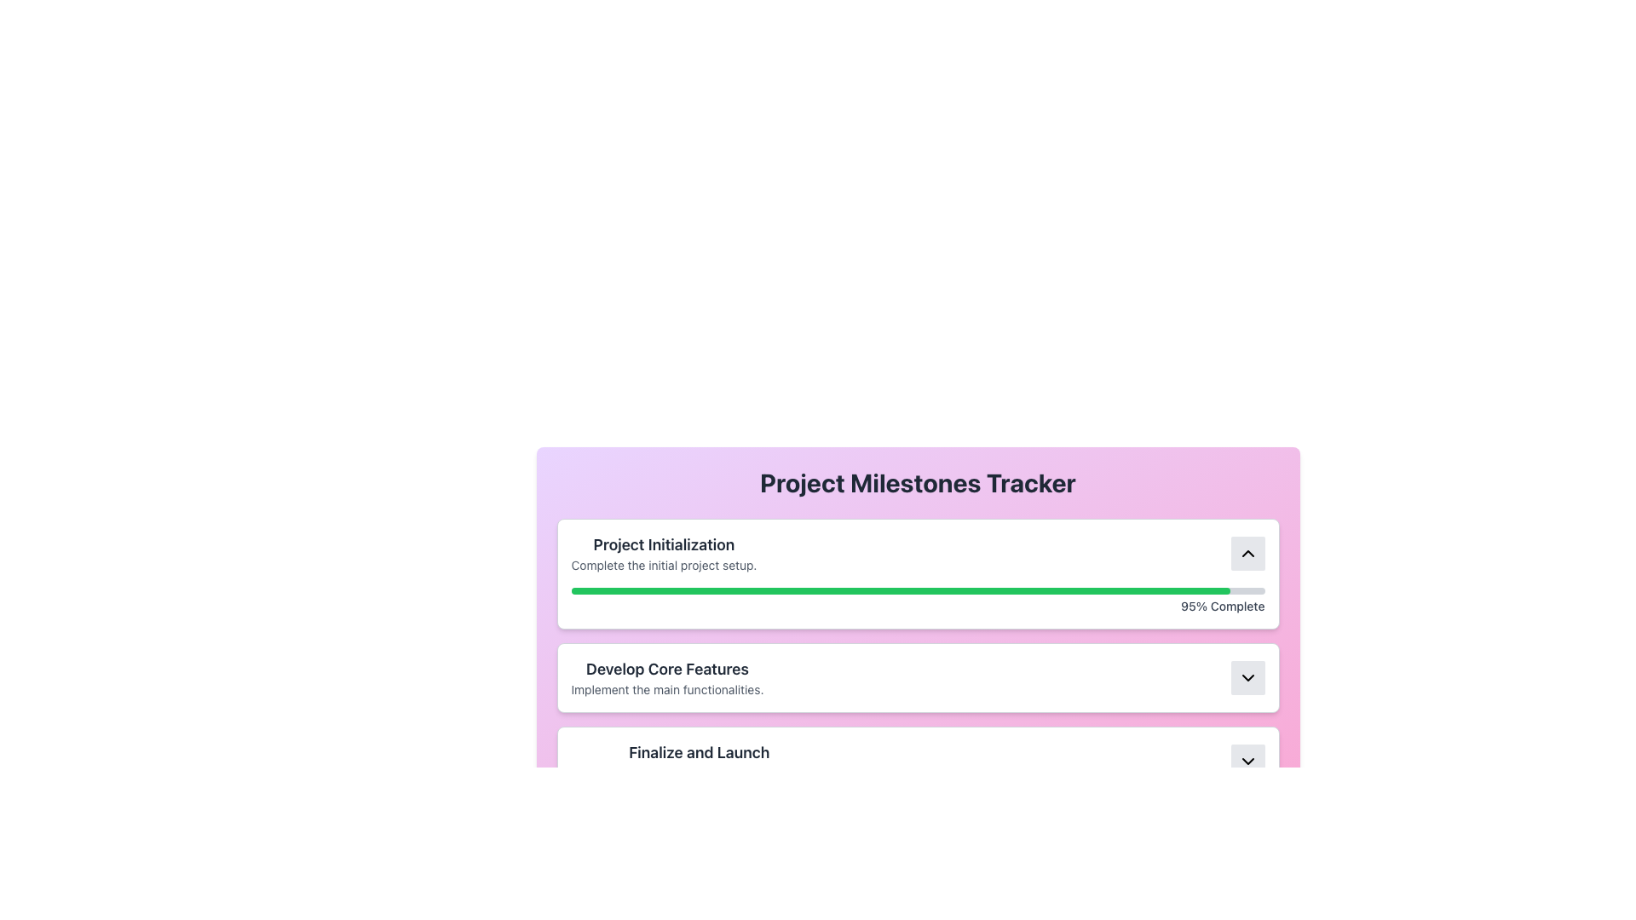  What do you see at coordinates (1247, 554) in the screenshot?
I see `the small rectangular button with a light gray background and an upward-pointing chevron icon, located on the right side of the 'Project Initialization' section` at bounding box center [1247, 554].